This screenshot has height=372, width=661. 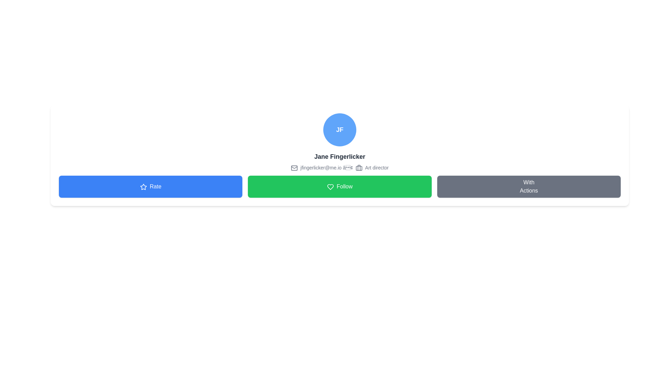 I want to click on the button labeled 'With Actions', which is the third button in a horizontal layout with a gray background and white text, so click(x=528, y=187).